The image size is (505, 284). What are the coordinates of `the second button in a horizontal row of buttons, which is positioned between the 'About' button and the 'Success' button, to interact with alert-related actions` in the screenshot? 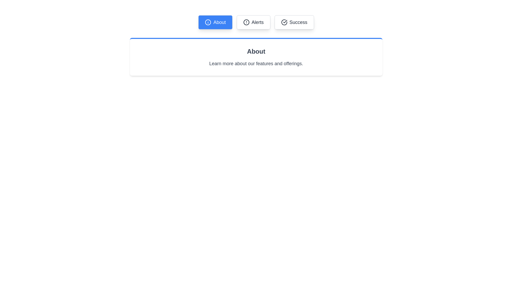 It's located at (253, 22).